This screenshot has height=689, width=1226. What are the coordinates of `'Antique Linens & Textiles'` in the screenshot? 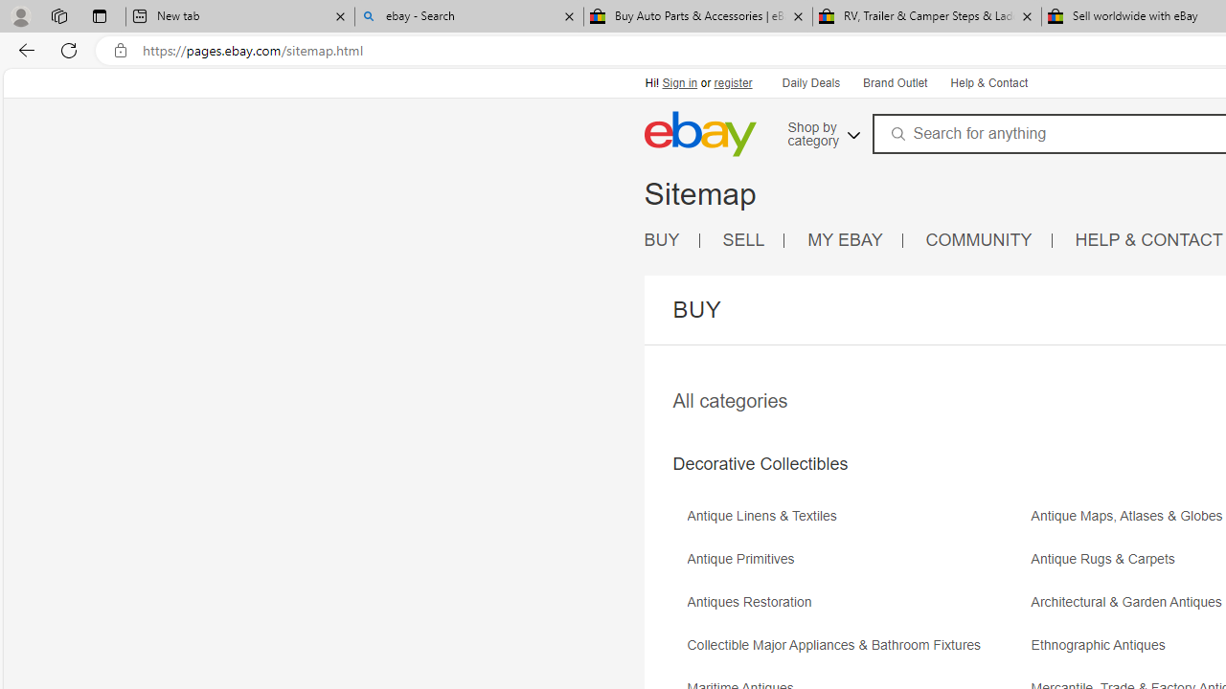 It's located at (766, 515).